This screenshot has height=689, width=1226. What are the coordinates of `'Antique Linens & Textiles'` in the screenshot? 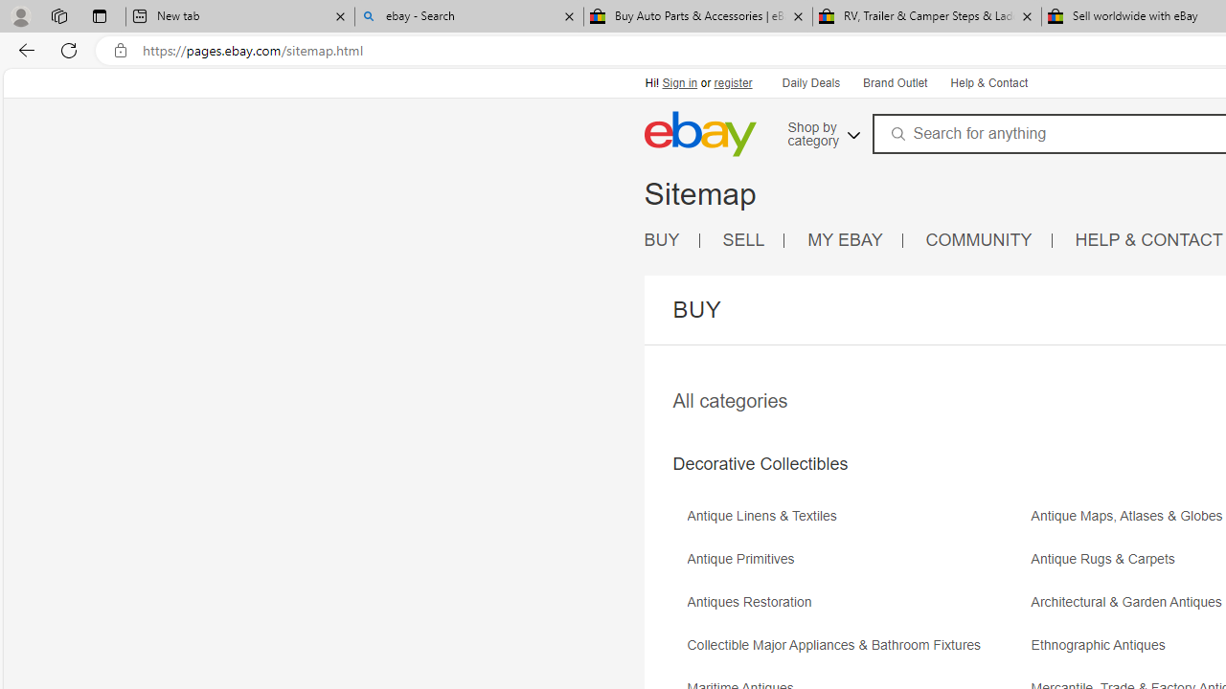 It's located at (766, 515).